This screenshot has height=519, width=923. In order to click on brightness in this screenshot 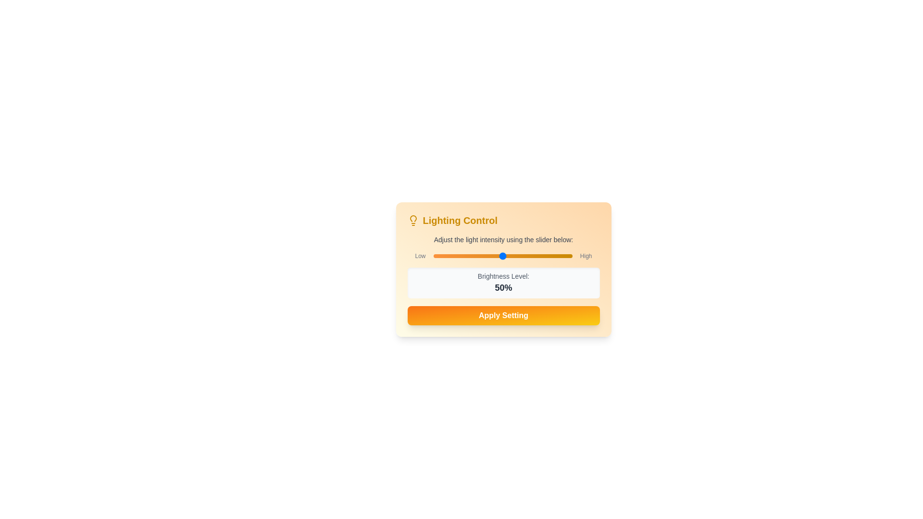, I will do `click(531, 255)`.